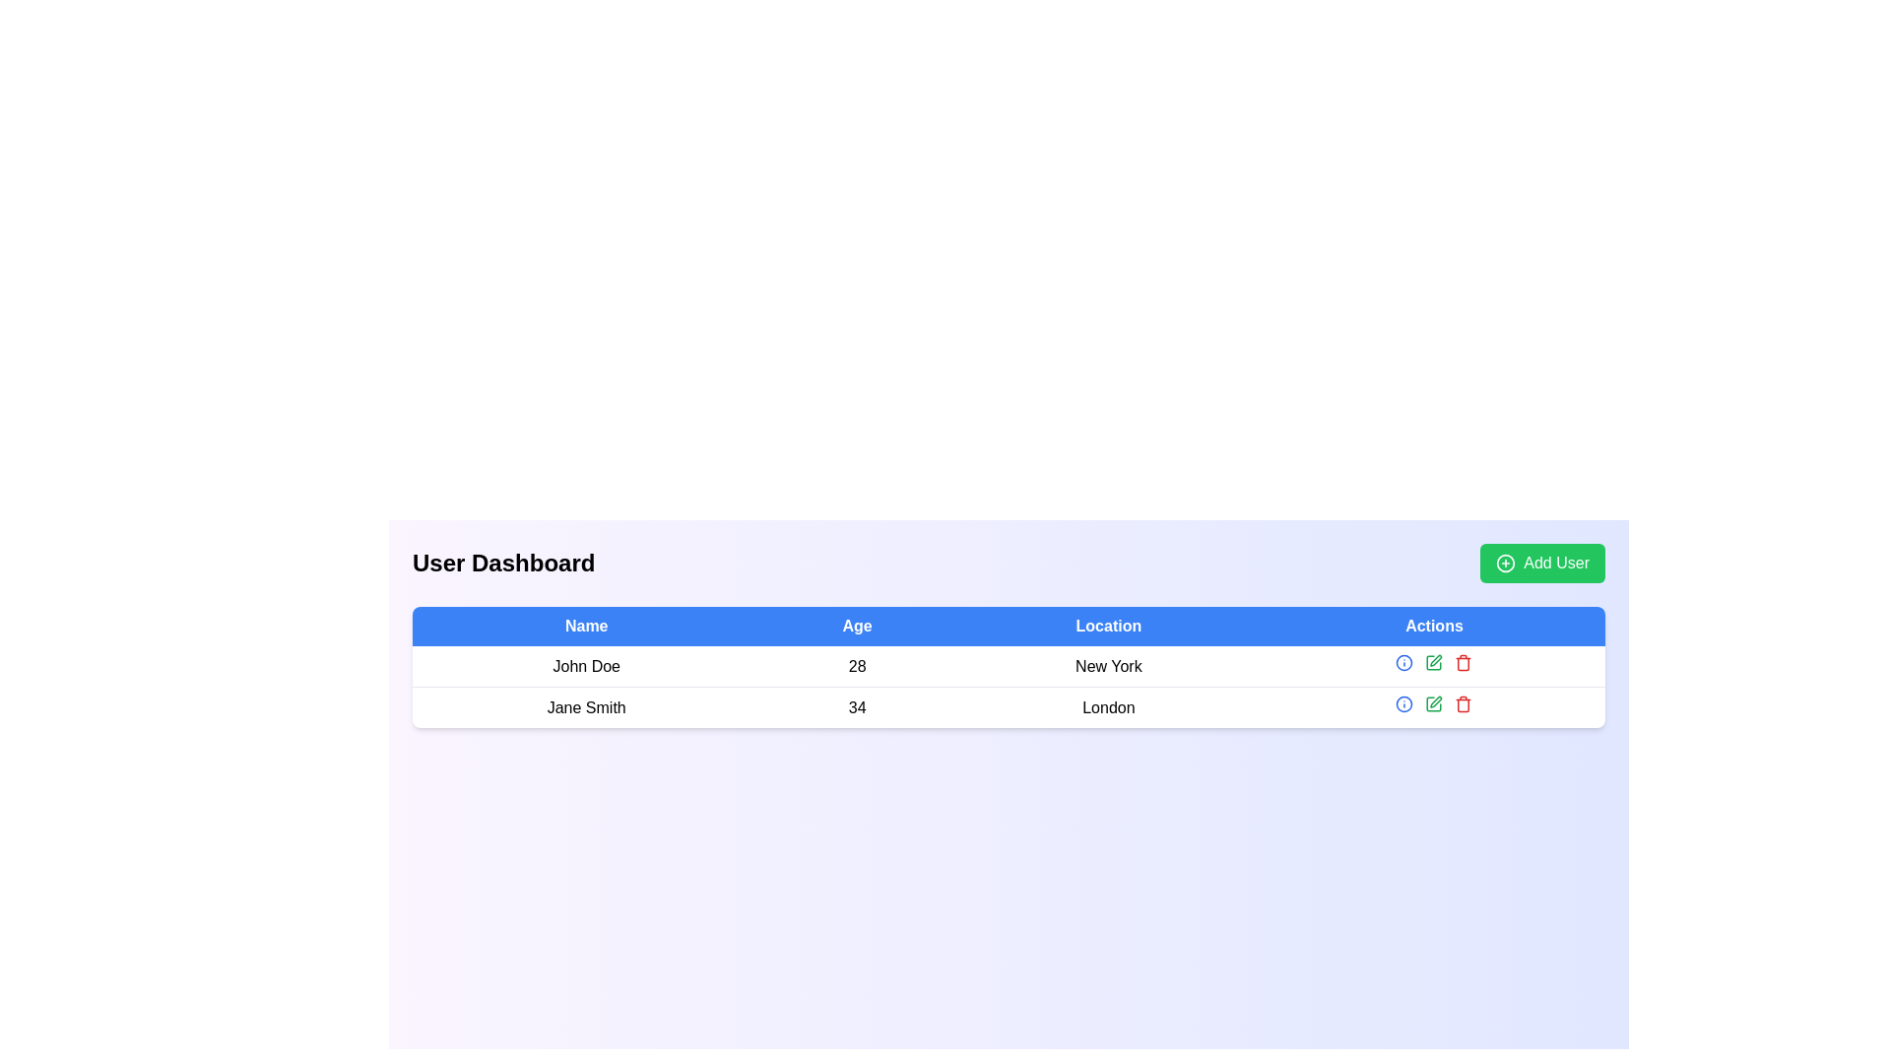 The height and width of the screenshot is (1064, 1891). What do you see at coordinates (1402, 702) in the screenshot?
I see `the help icon button located` at bounding box center [1402, 702].